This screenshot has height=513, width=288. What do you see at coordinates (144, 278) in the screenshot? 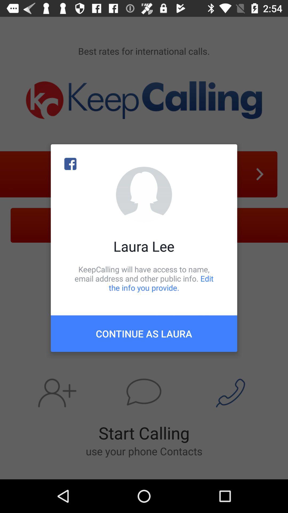
I see `the item above continue as laura` at bounding box center [144, 278].